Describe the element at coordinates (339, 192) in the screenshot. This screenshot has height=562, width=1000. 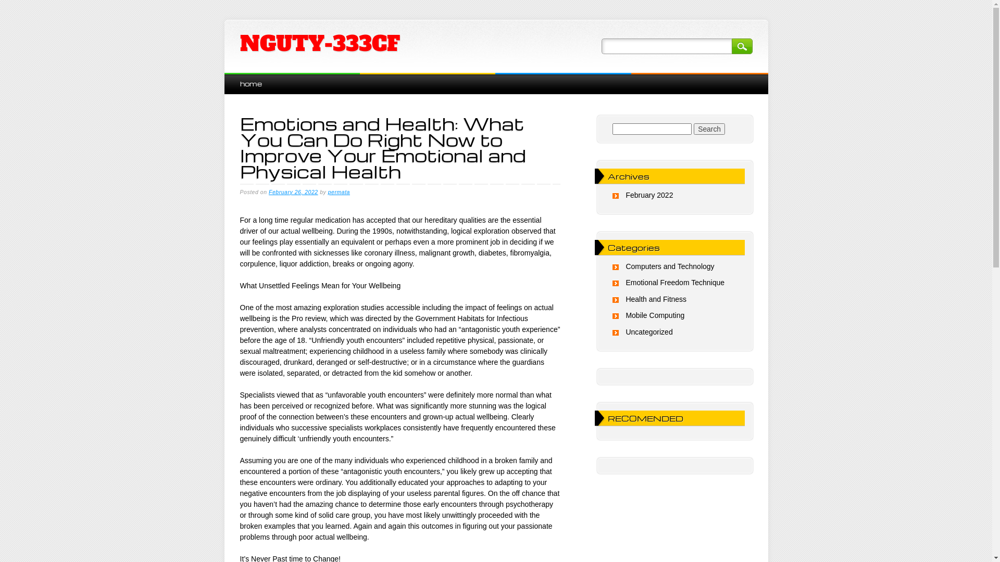
I see `'permata'` at that location.